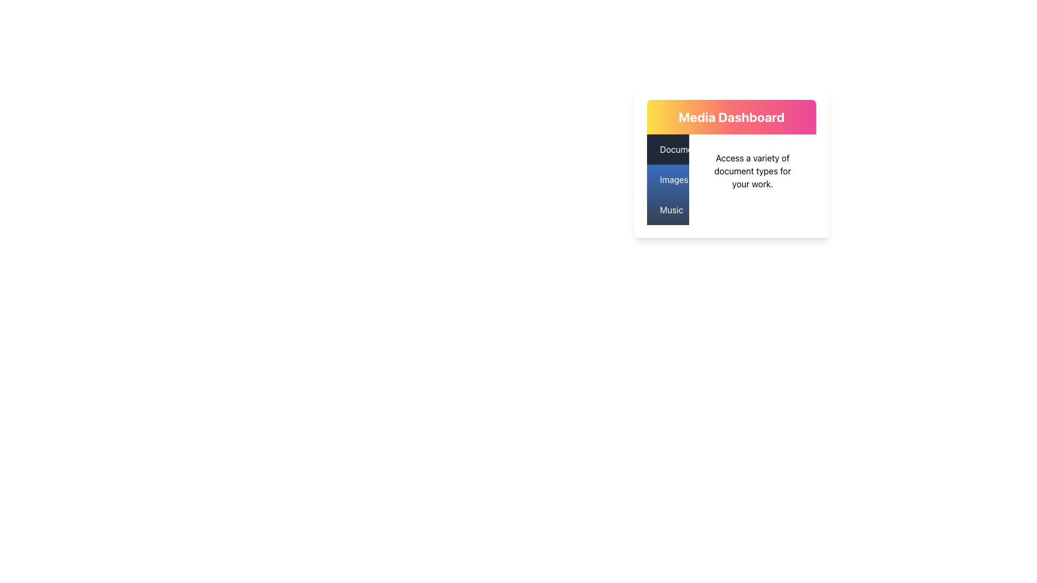  Describe the element at coordinates (674, 179) in the screenshot. I see `the 'Images' text label in the vertical navigation menu` at that location.